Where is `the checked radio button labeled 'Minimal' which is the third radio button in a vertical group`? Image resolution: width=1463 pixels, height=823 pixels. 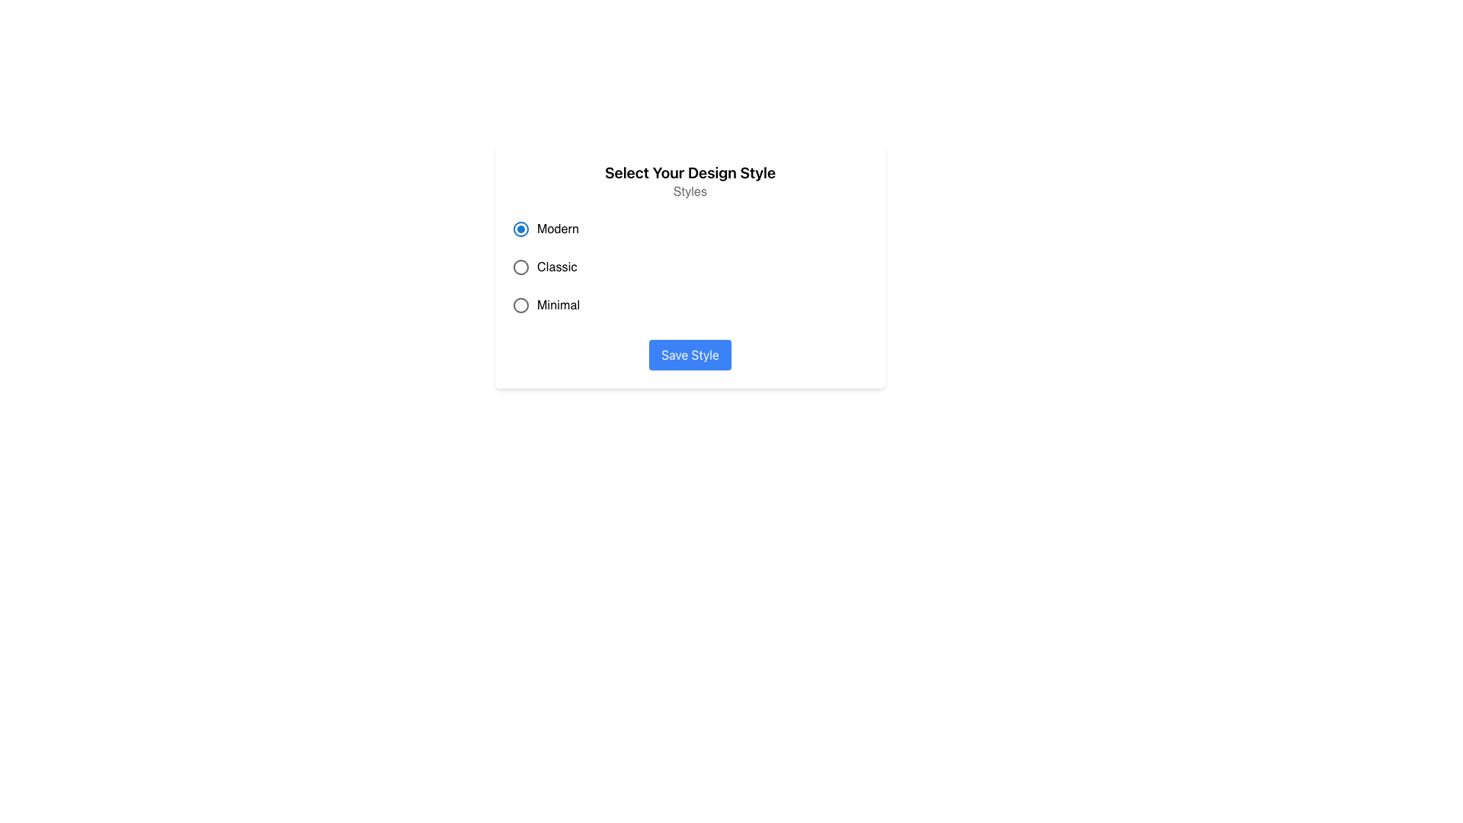
the checked radio button labeled 'Minimal' which is the third radio button in a vertical group is located at coordinates (521, 306).